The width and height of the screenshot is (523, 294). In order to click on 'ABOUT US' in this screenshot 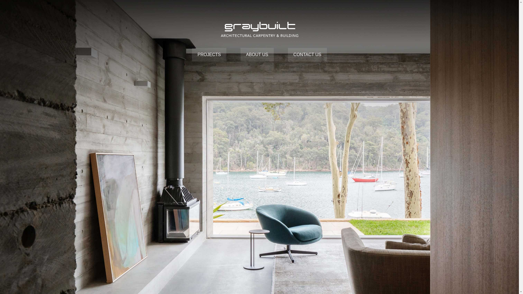, I will do `click(257, 54)`.